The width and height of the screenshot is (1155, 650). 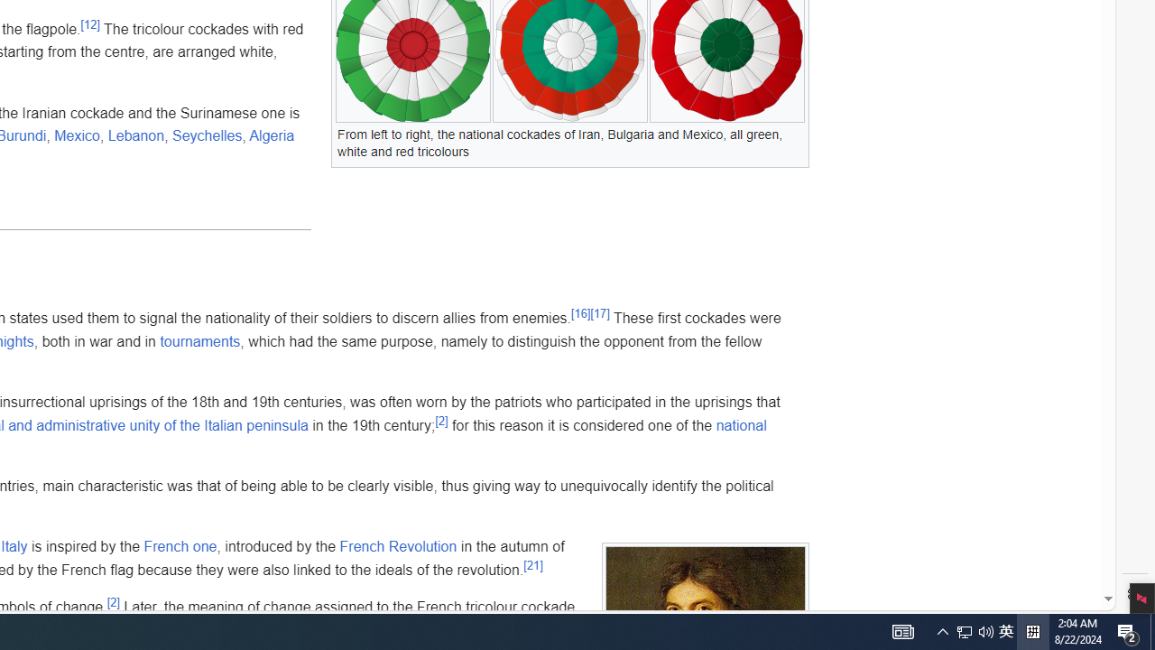 What do you see at coordinates (200, 341) in the screenshot?
I see `'tournaments'` at bounding box center [200, 341].